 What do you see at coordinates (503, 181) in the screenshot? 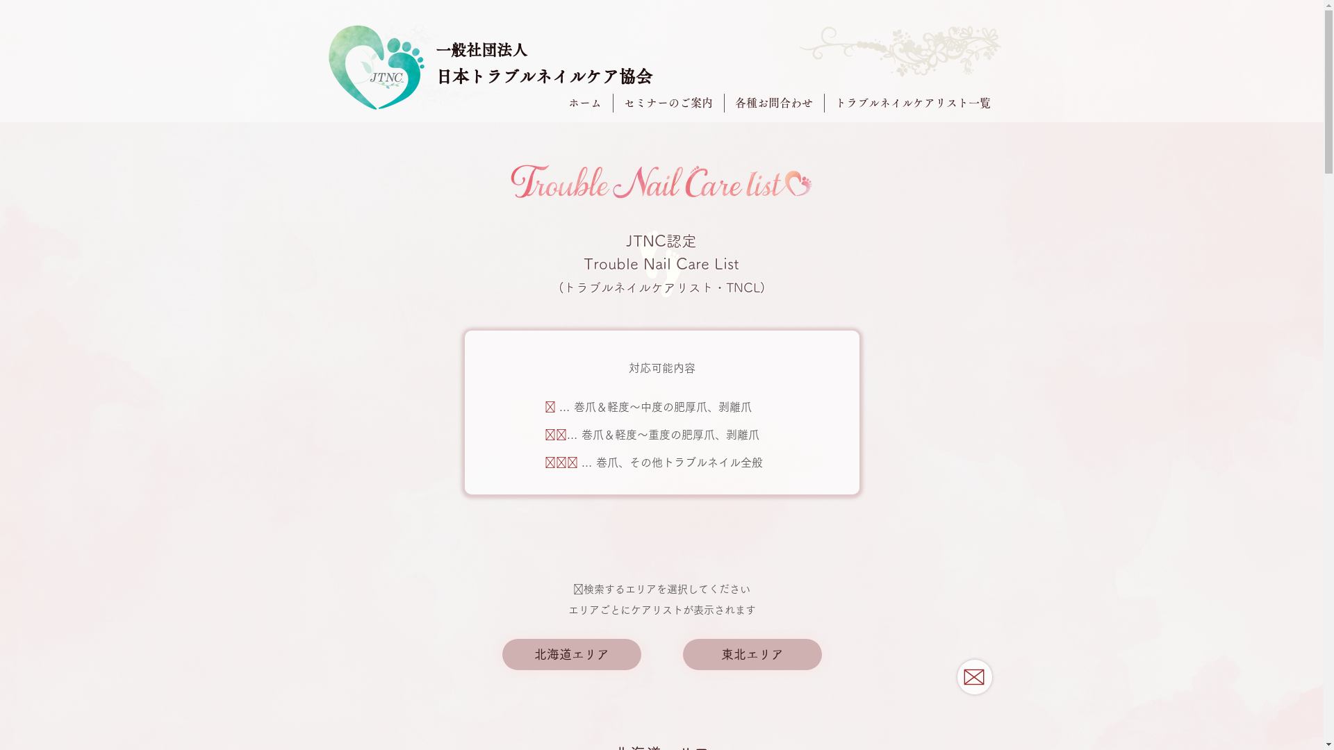
I see `'Trouble Nail Care list_LOGO_01typemain.p'` at bounding box center [503, 181].